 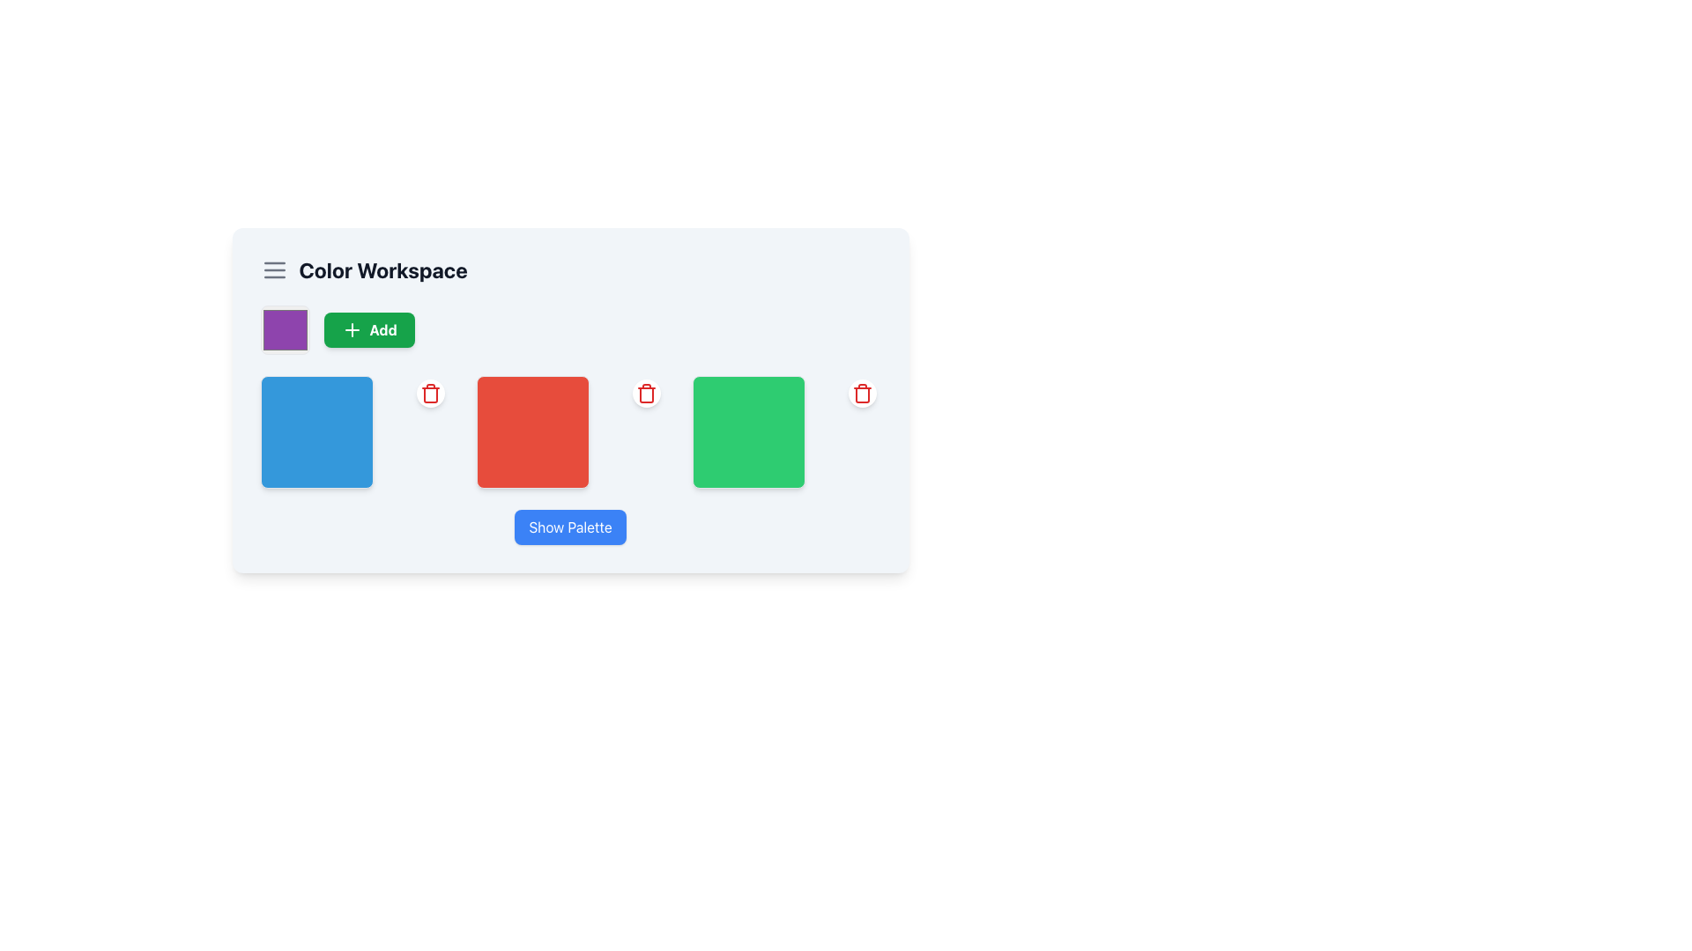 What do you see at coordinates (353, 431) in the screenshot?
I see `the first blue Color tile in the grid layout` at bounding box center [353, 431].